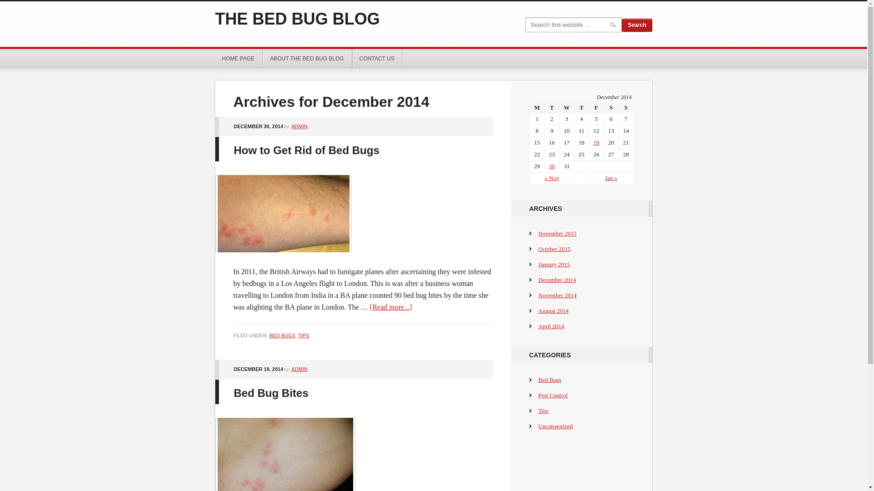 The width and height of the screenshot is (874, 491). What do you see at coordinates (552, 395) in the screenshot?
I see `'Pest Control'` at bounding box center [552, 395].